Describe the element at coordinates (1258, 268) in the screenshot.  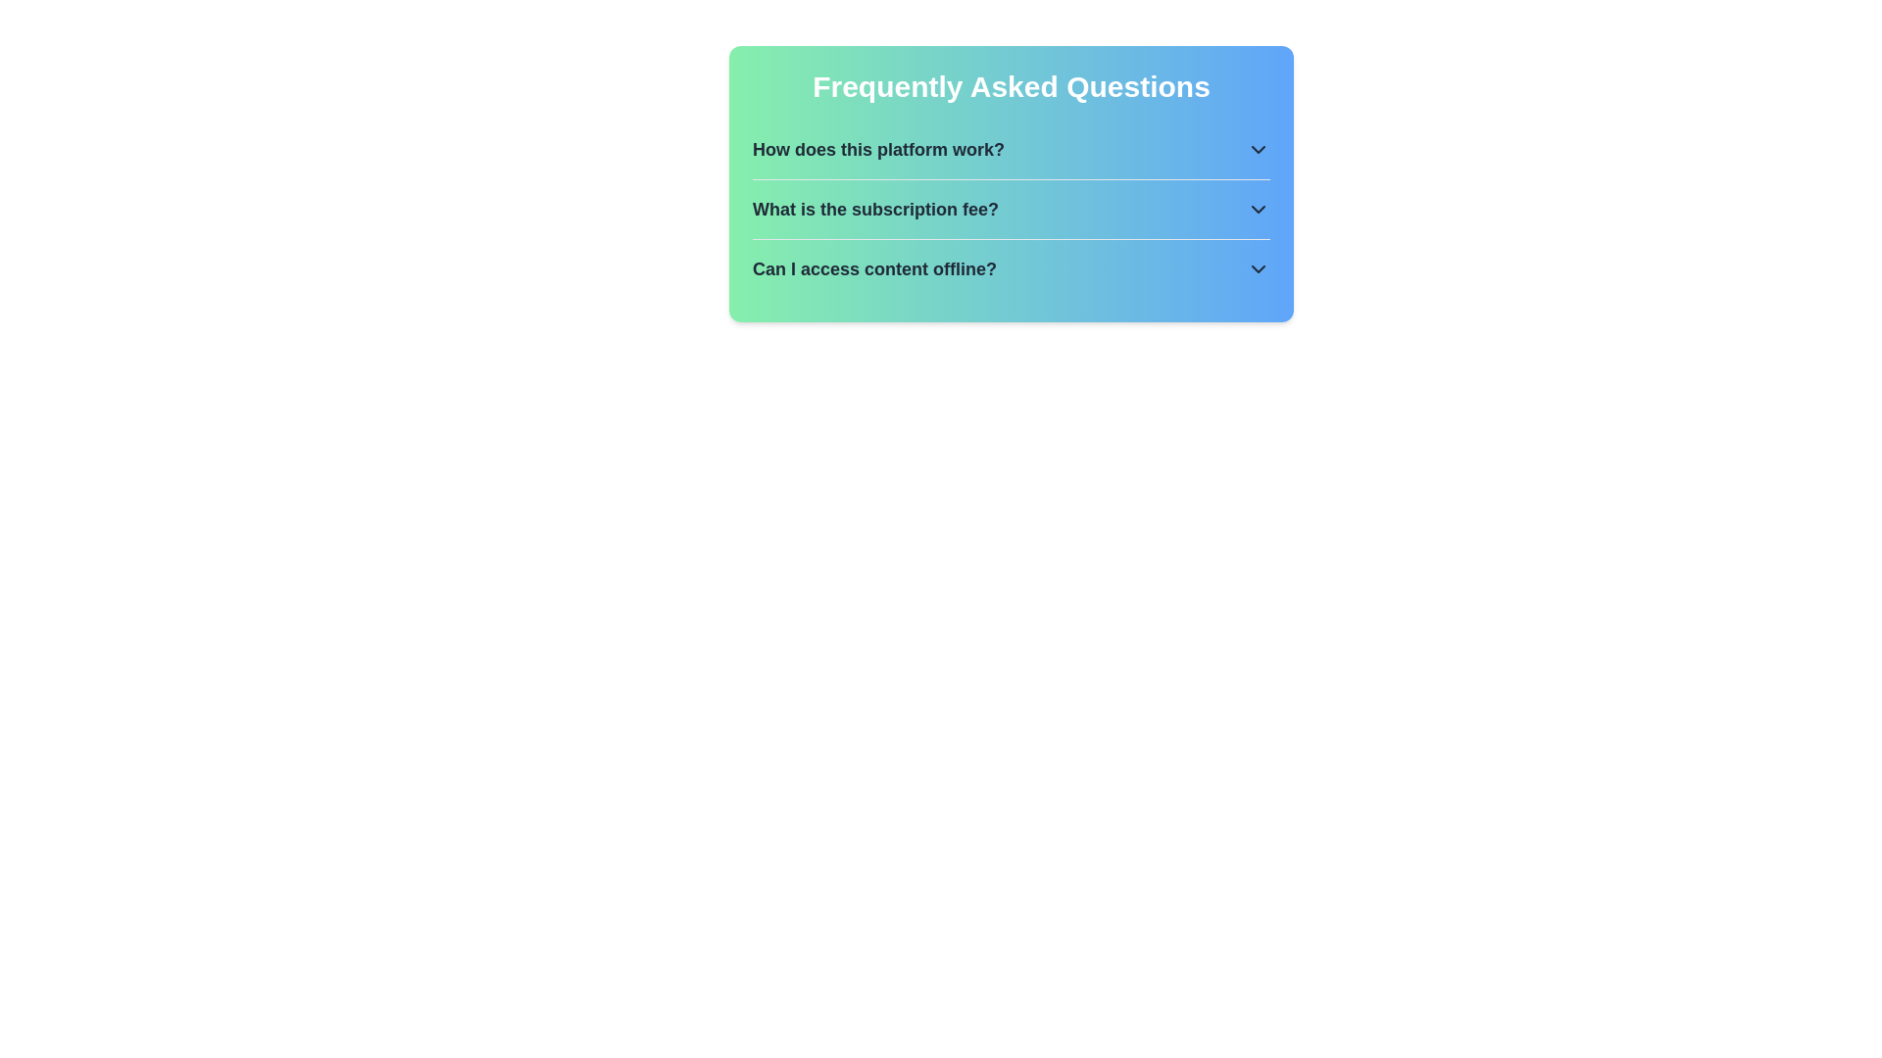
I see `the downward-pointing caret icon that indicates a collapsible menu next to the text 'Can I access content offline?' in the FAQ section` at that location.